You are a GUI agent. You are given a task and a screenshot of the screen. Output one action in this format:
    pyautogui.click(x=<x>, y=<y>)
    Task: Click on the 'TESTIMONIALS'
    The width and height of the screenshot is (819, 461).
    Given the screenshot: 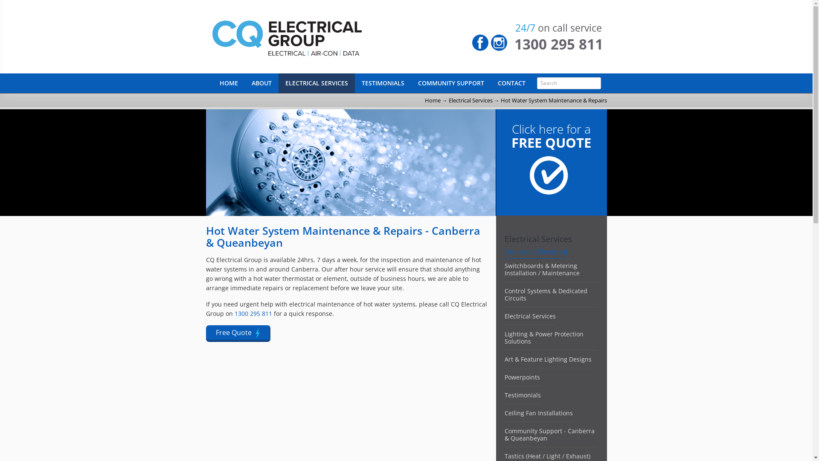 What is the action you would take?
    pyautogui.click(x=382, y=83)
    